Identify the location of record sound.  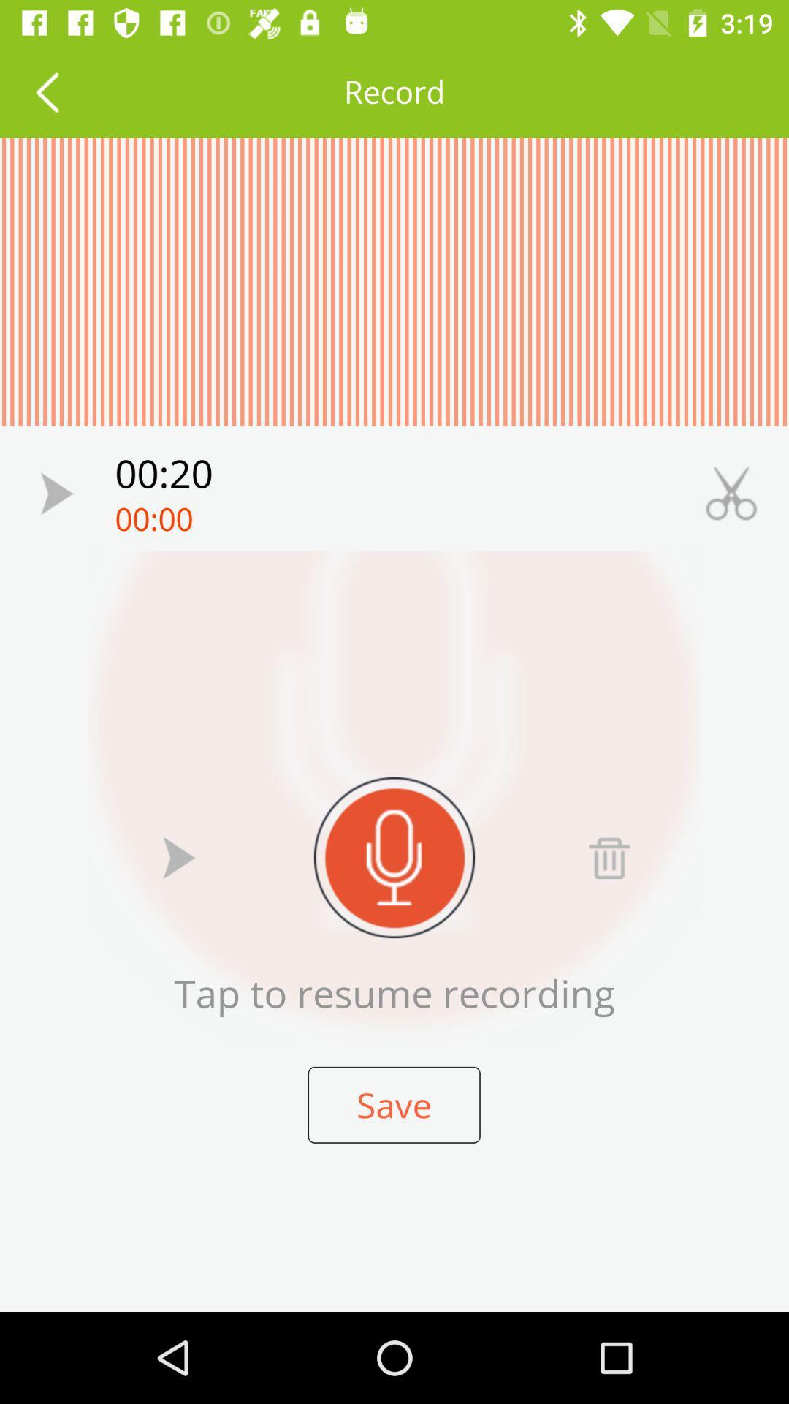
(394, 857).